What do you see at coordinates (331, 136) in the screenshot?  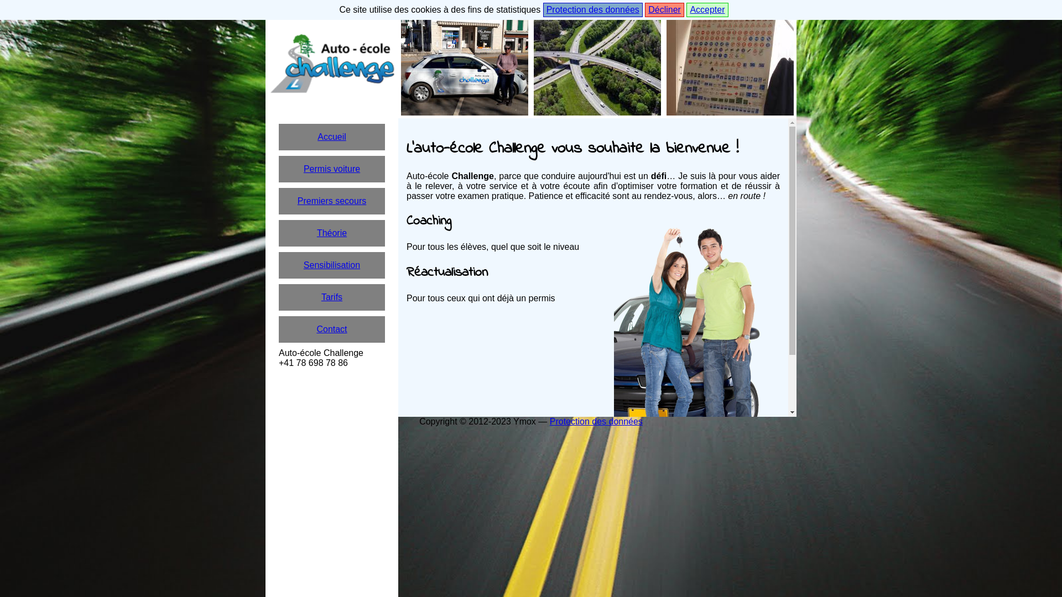 I see `'Accueil'` at bounding box center [331, 136].